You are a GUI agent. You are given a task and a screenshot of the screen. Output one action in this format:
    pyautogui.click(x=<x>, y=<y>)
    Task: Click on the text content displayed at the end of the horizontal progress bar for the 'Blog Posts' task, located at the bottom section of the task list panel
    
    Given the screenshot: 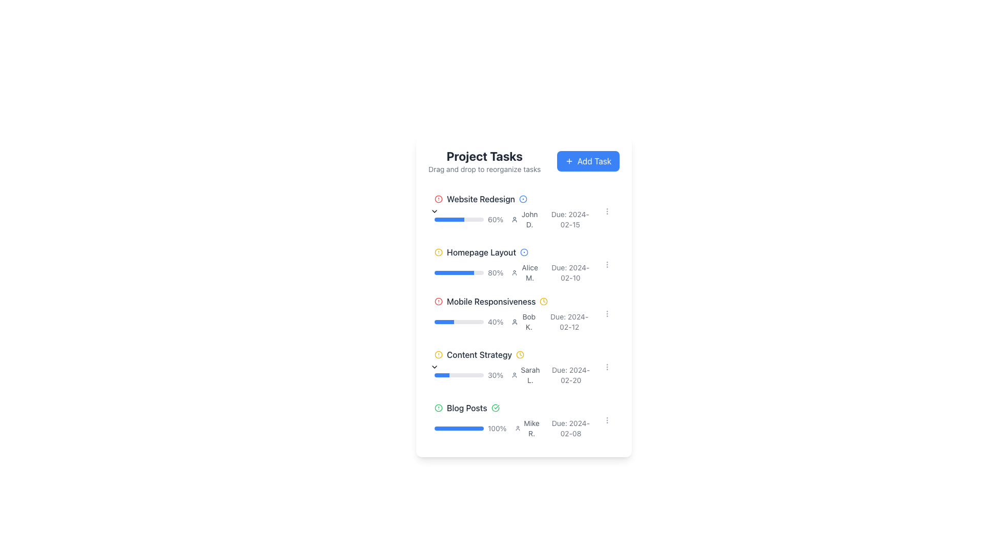 What is the action you would take?
    pyautogui.click(x=497, y=429)
    